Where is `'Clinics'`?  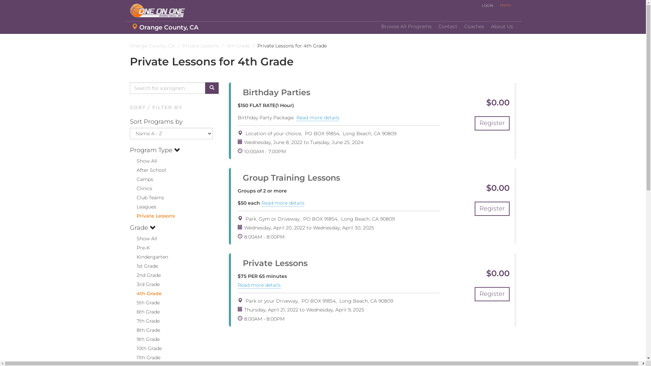 'Clinics' is located at coordinates (140, 188).